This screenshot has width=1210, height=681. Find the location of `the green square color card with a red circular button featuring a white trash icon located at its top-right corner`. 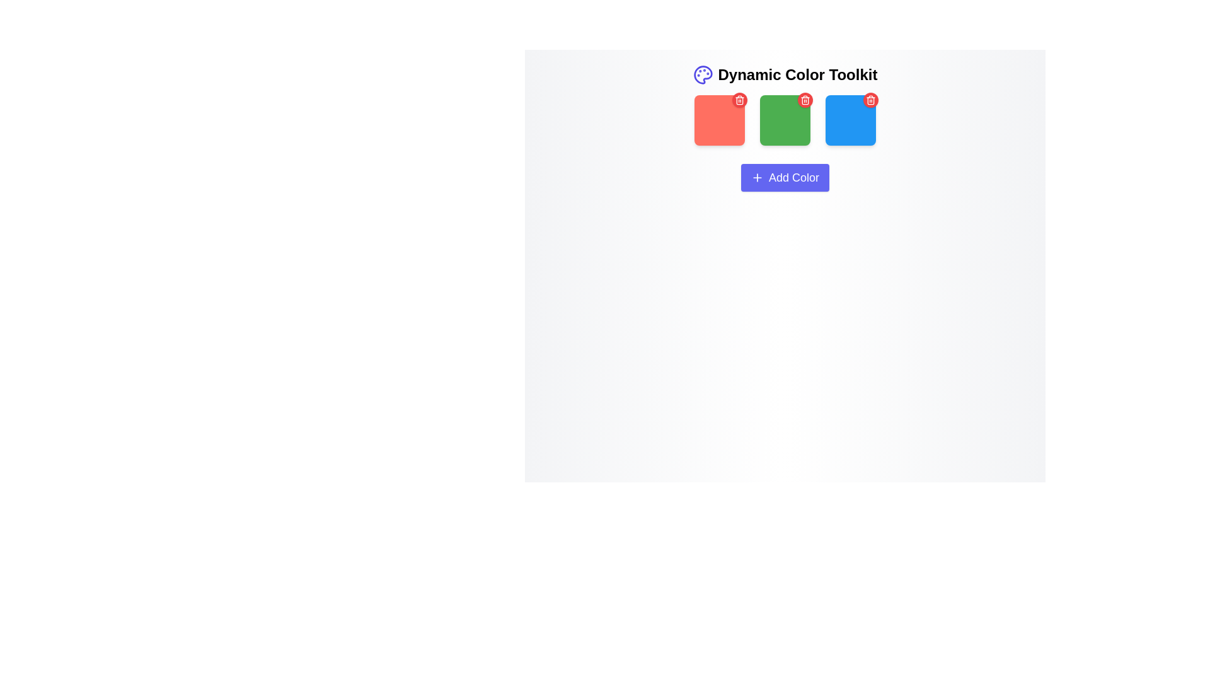

the green square color card with a red circular button featuring a white trash icon located at its top-right corner is located at coordinates (785, 122).